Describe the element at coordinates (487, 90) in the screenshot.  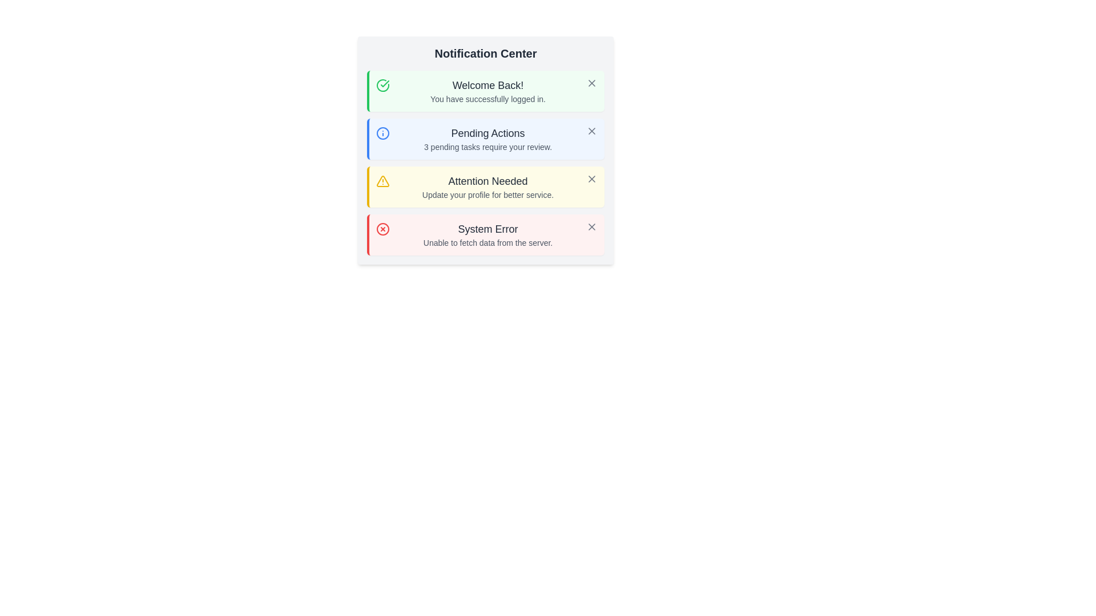
I see `text content of the text display that shows 'Welcome Back!' and 'You have successfully logged in.' located in the notification box below 'Notification Center'` at that location.